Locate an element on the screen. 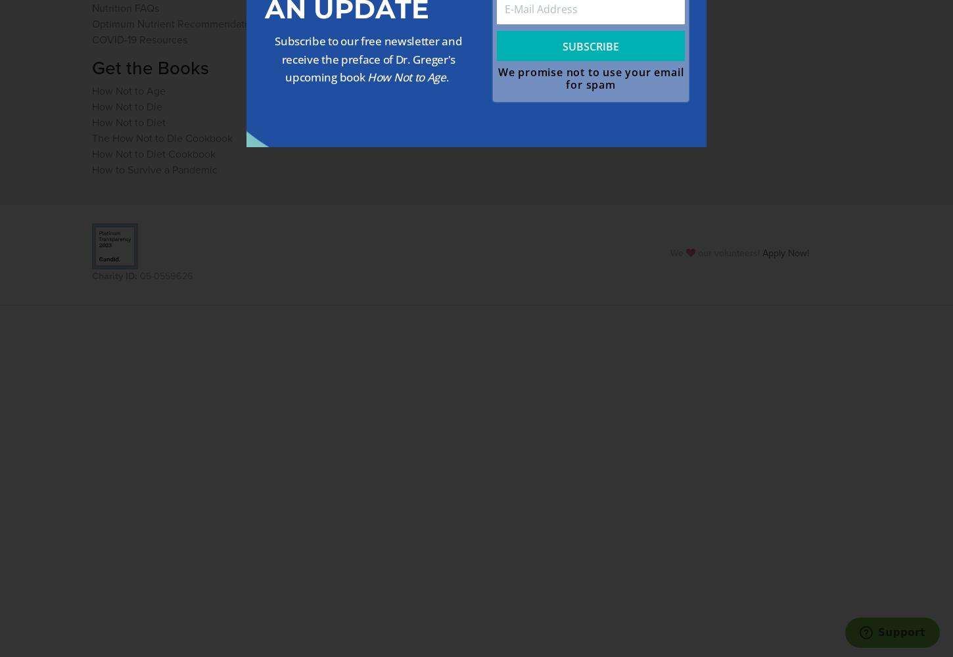 The height and width of the screenshot is (657, 953). 'Nutrition FAQs' is located at coordinates (124, 7).